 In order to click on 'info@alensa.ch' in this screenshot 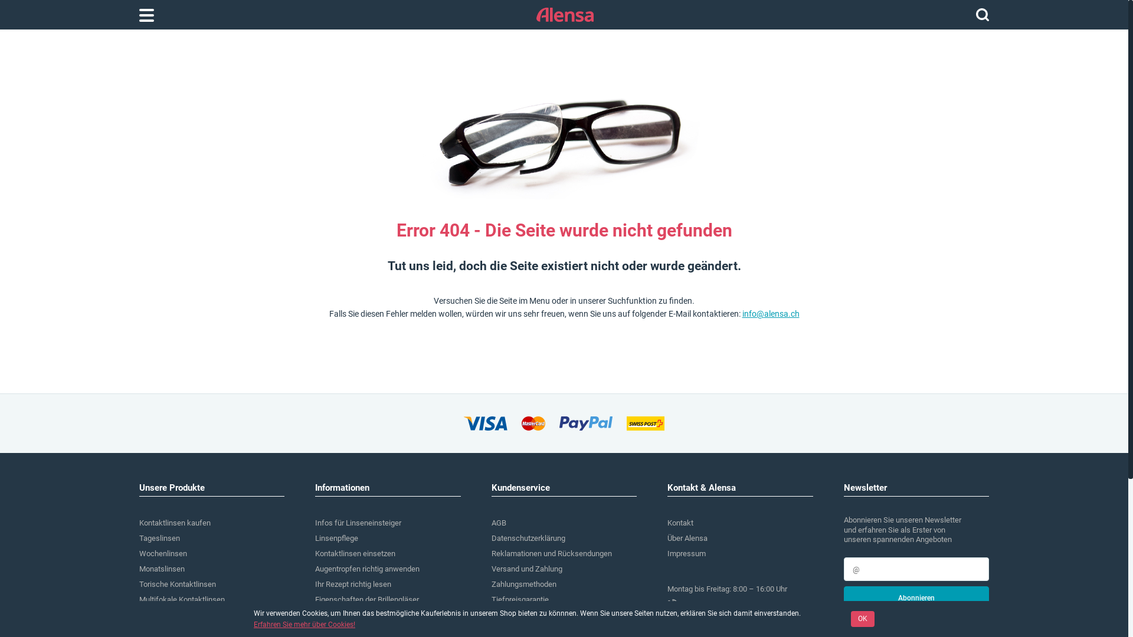, I will do `click(771, 313)`.